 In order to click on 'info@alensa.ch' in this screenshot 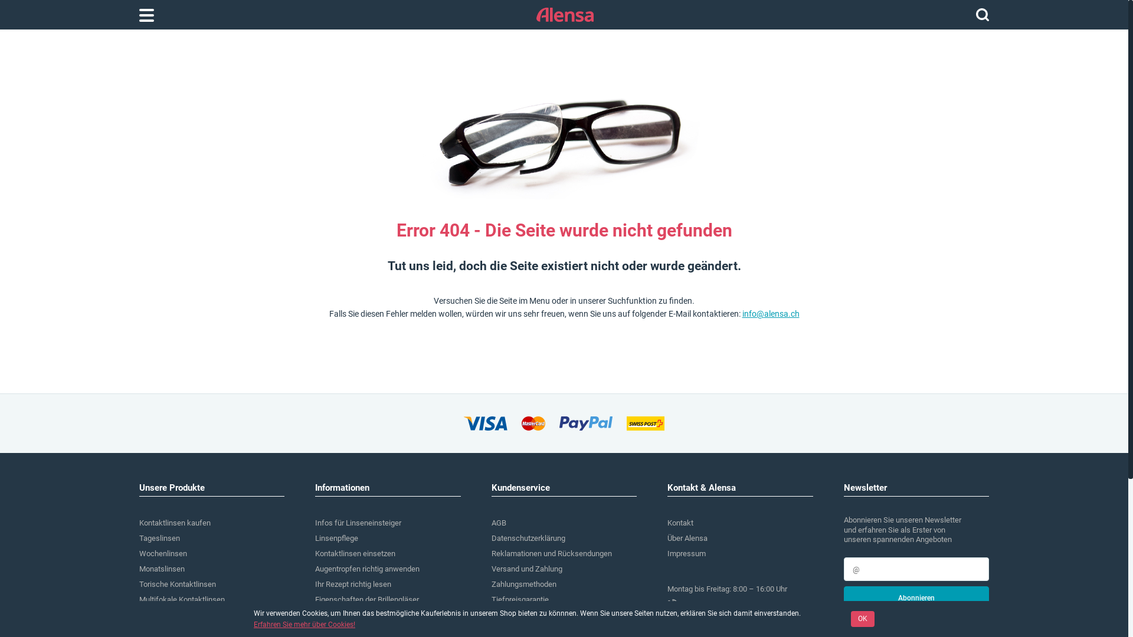, I will do `click(771, 313)`.